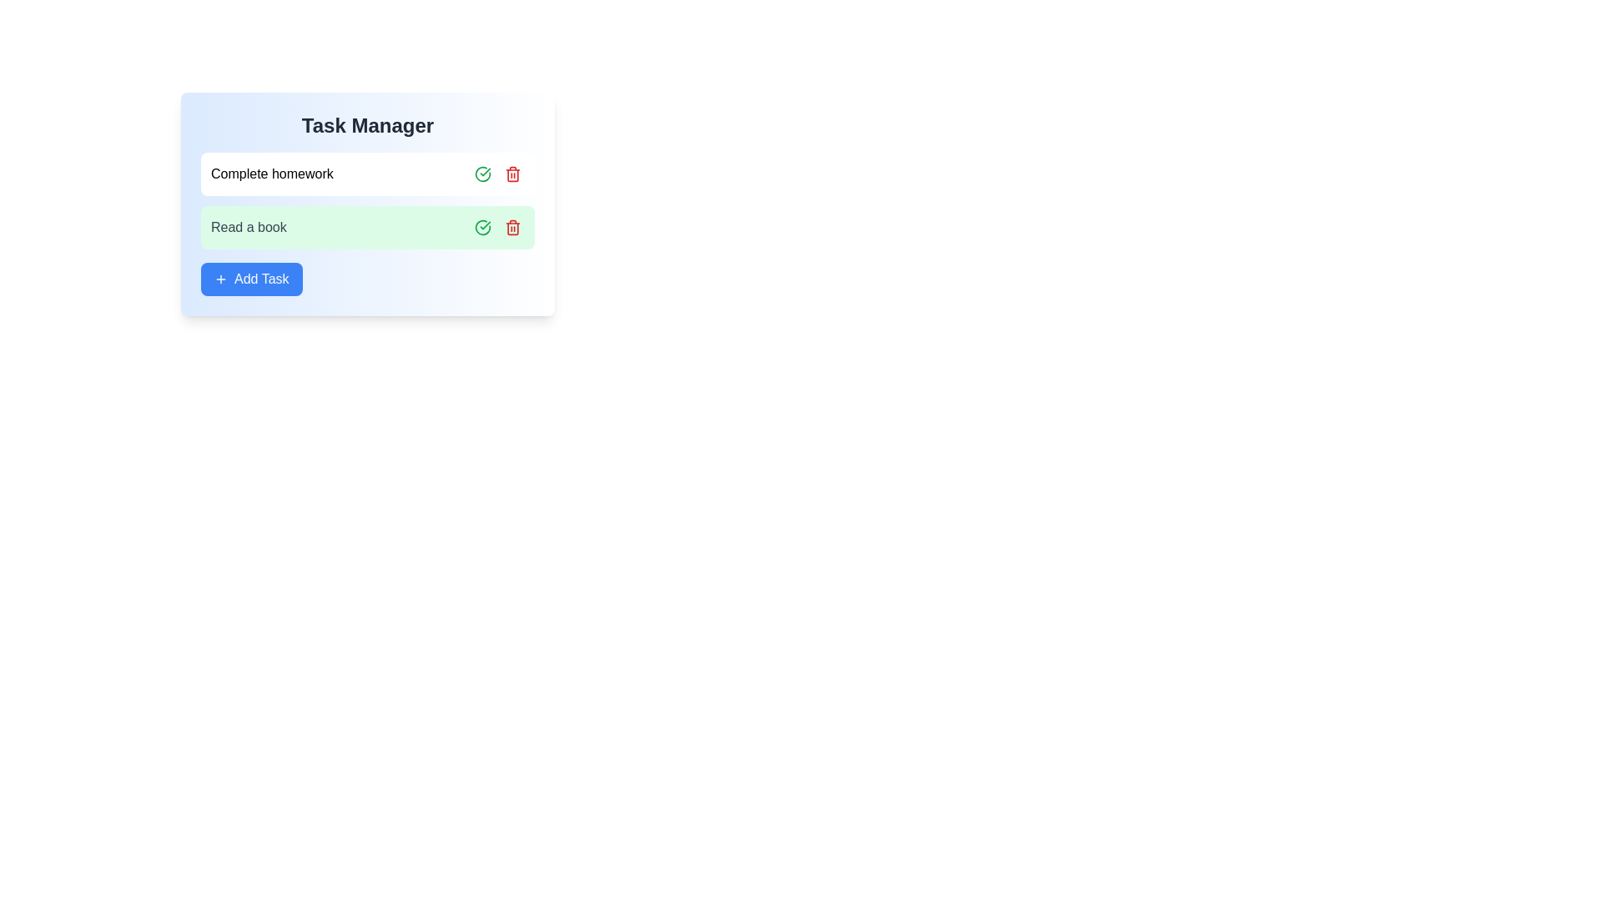  Describe the element at coordinates (511, 228) in the screenshot. I see `the red trash can icon to remove the task Read a book` at that location.